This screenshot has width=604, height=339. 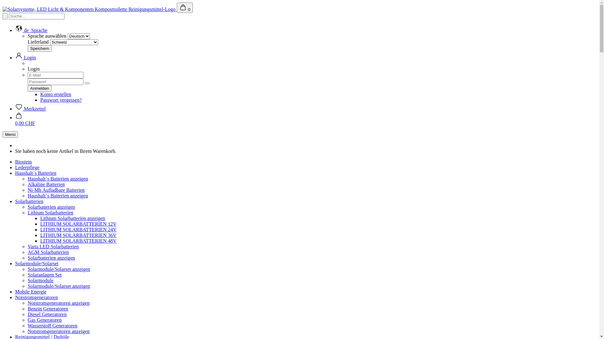 I want to click on 'AGM Solarbatterien', so click(x=48, y=252).